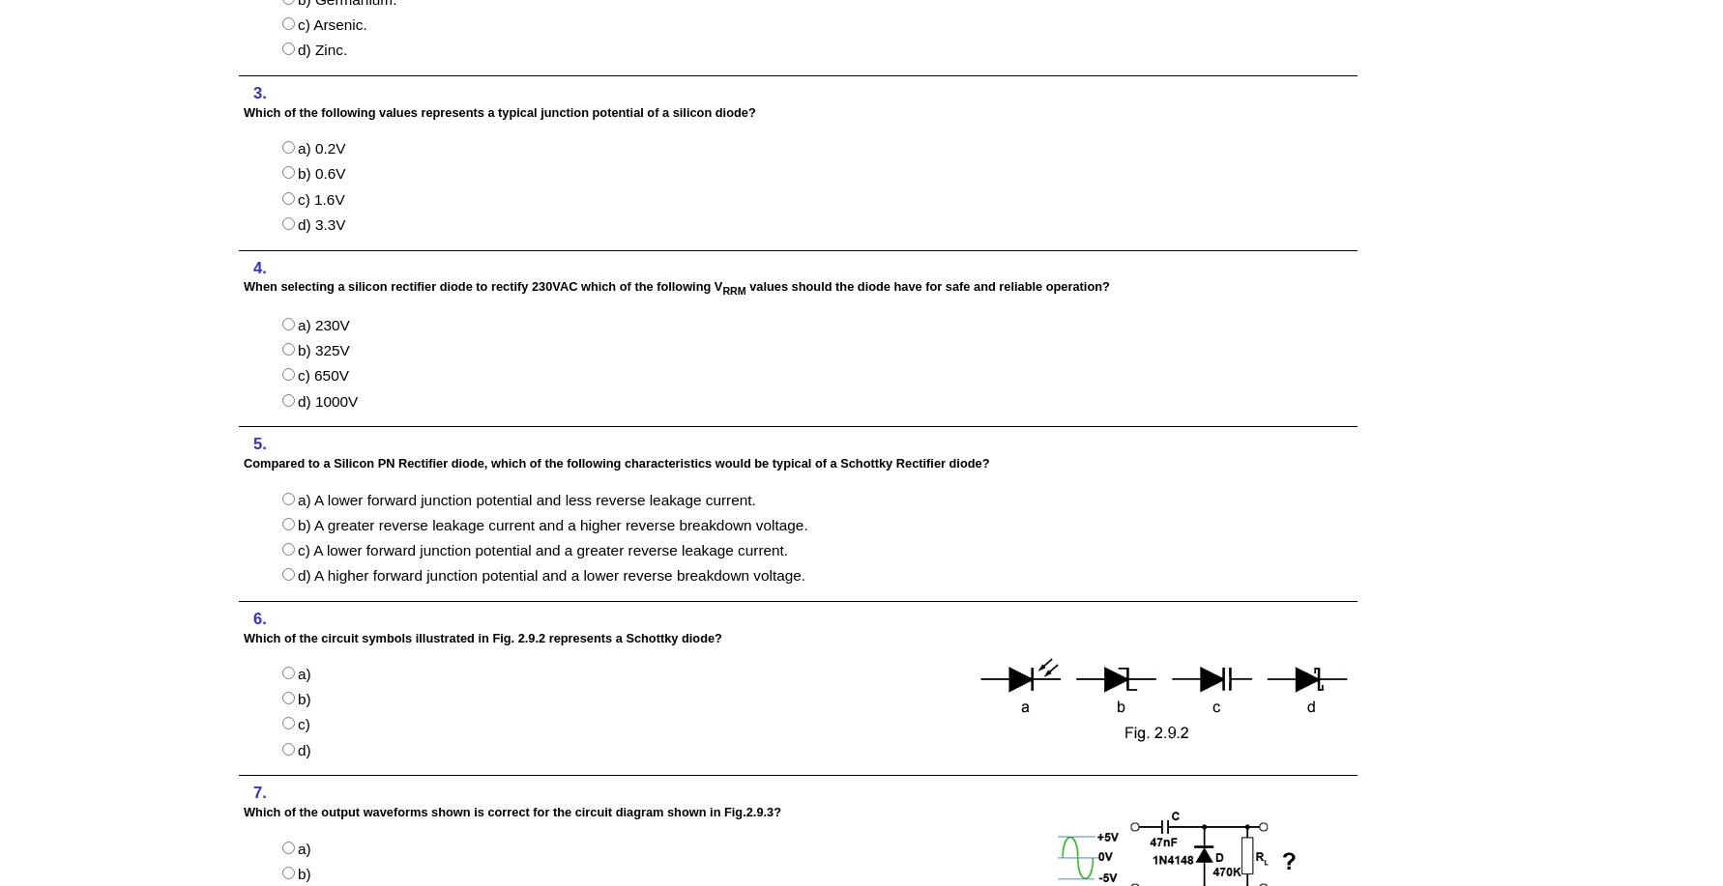  What do you see at coordinates (482, 286) in the screenshot?
I see `'When selecting a silicon rectifier diode to rectify 230VAC which of the following V'` at bounding box center [482, 286].